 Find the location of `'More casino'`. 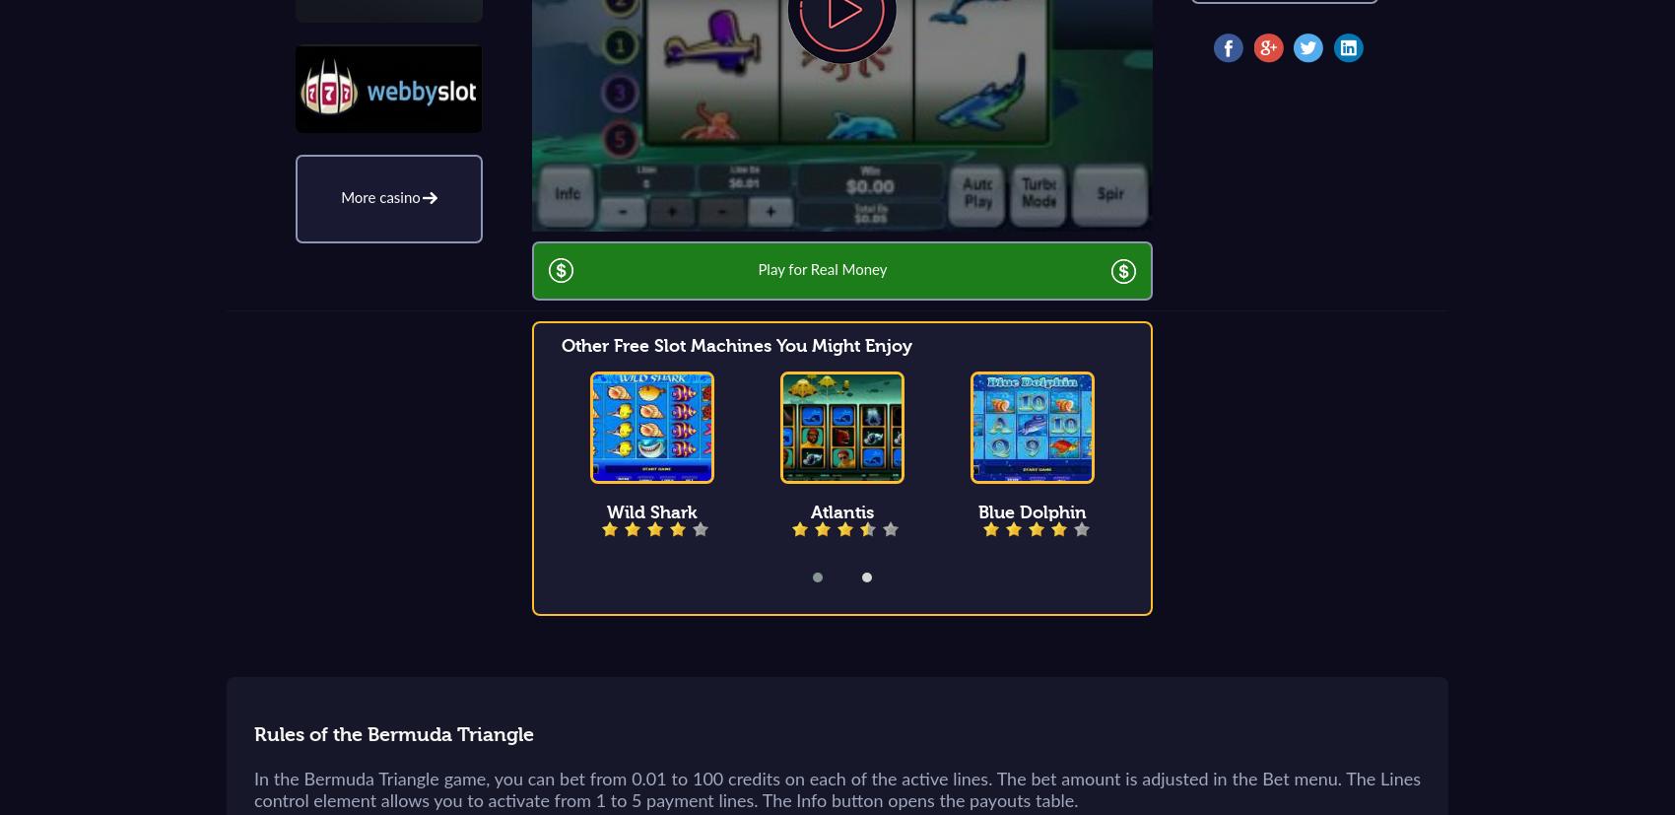

'More casino' is located at coordinates (379, 198).